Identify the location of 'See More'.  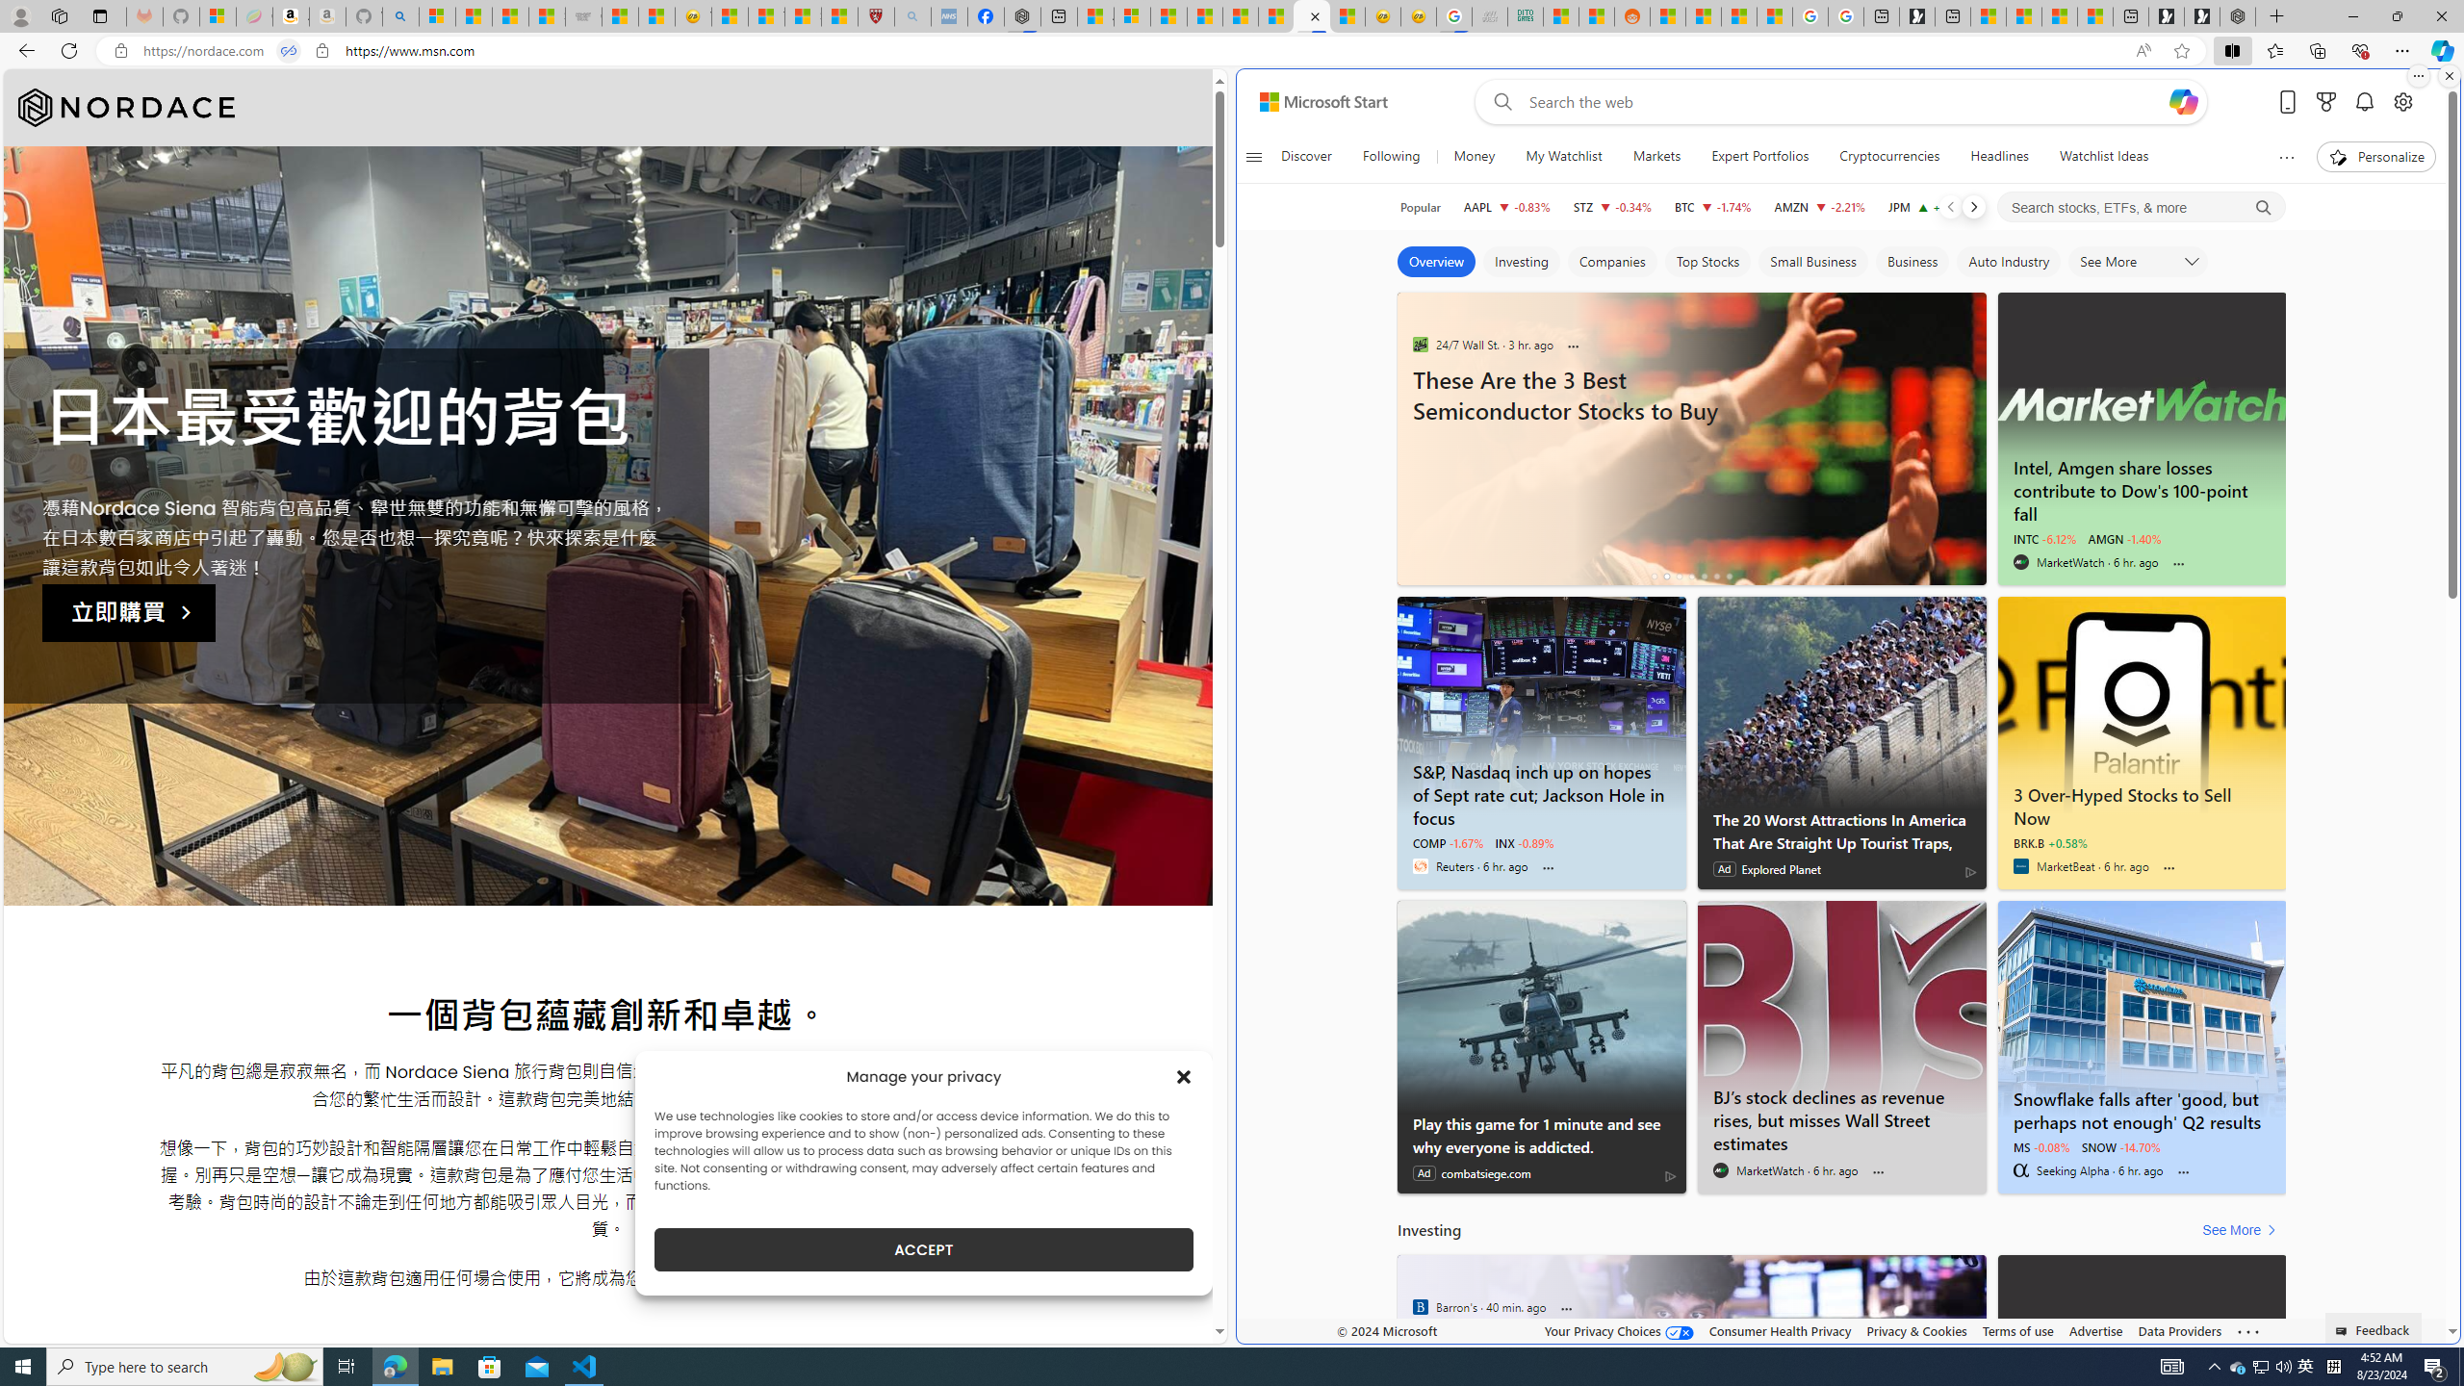
(2242, 1230).